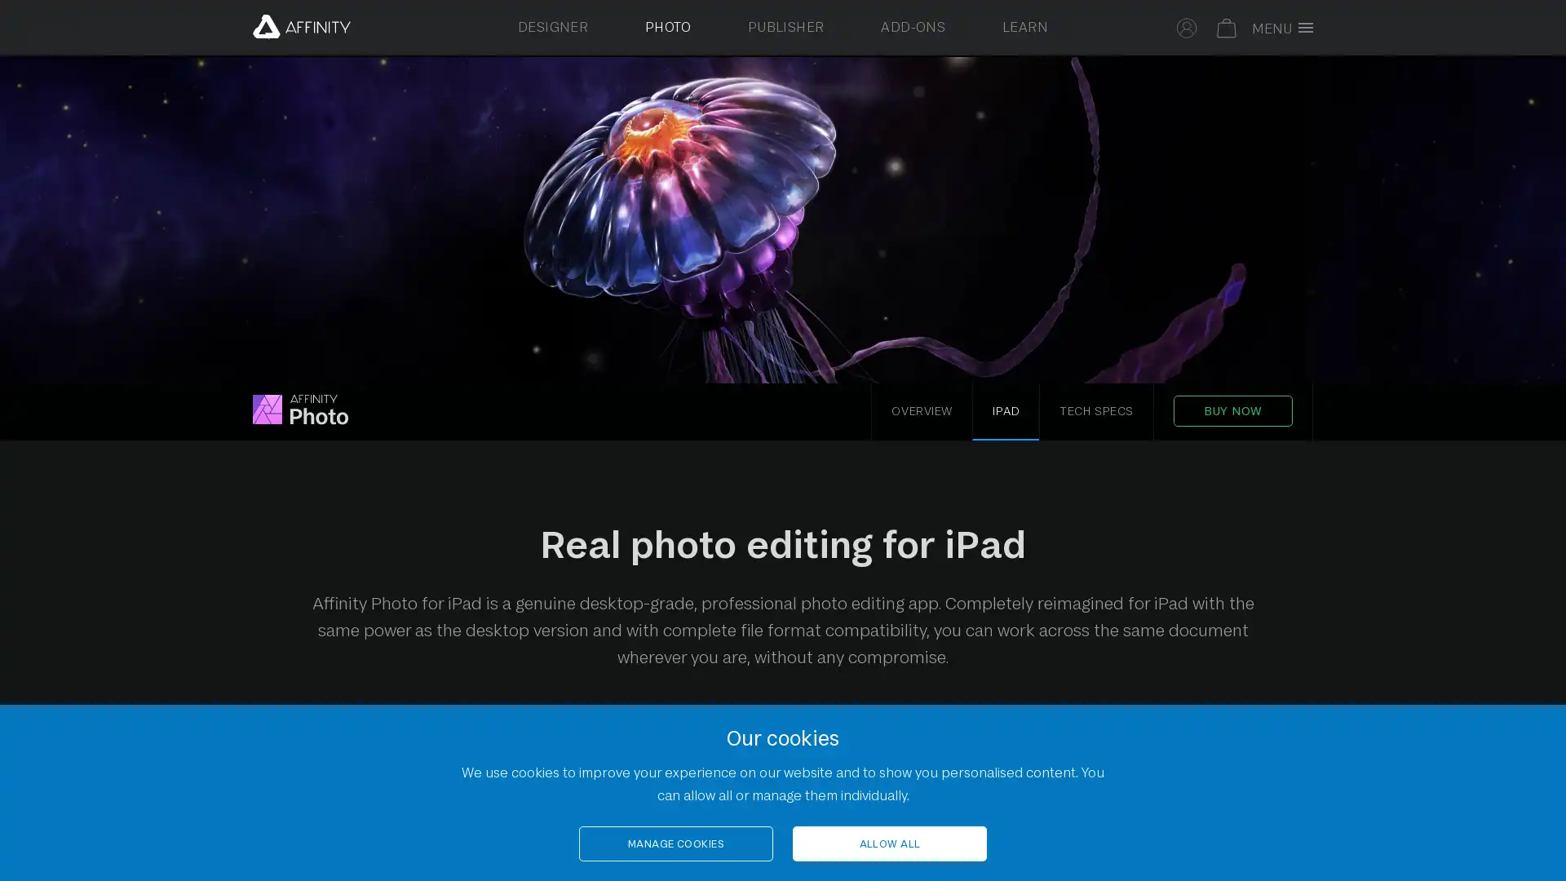  Describe the element at coordinates (1286, 28) in the screenshot. I see `Toggle full screen menu` at that location.